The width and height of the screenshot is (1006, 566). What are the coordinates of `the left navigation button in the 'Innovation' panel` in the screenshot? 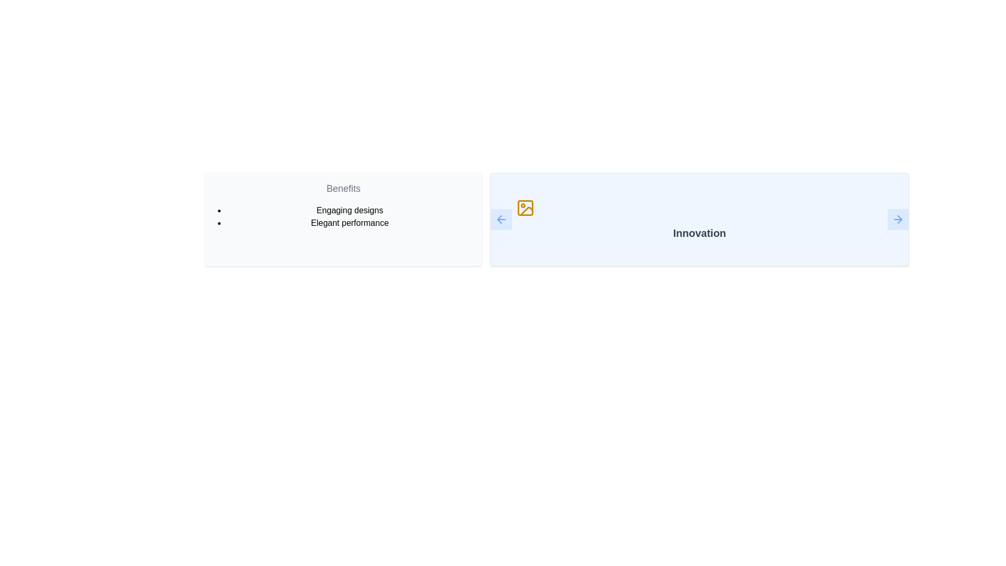 It's located at (500, 219).